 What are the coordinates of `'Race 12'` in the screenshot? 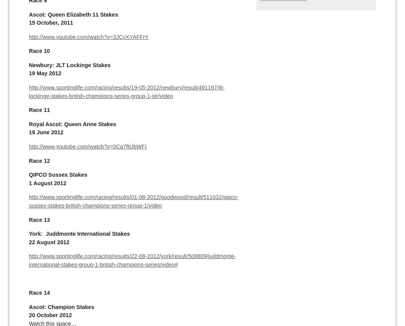 It's located at (39, 160).